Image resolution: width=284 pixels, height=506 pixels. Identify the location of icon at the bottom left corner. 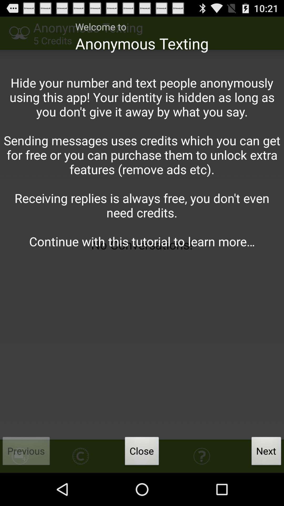
(26, 452).